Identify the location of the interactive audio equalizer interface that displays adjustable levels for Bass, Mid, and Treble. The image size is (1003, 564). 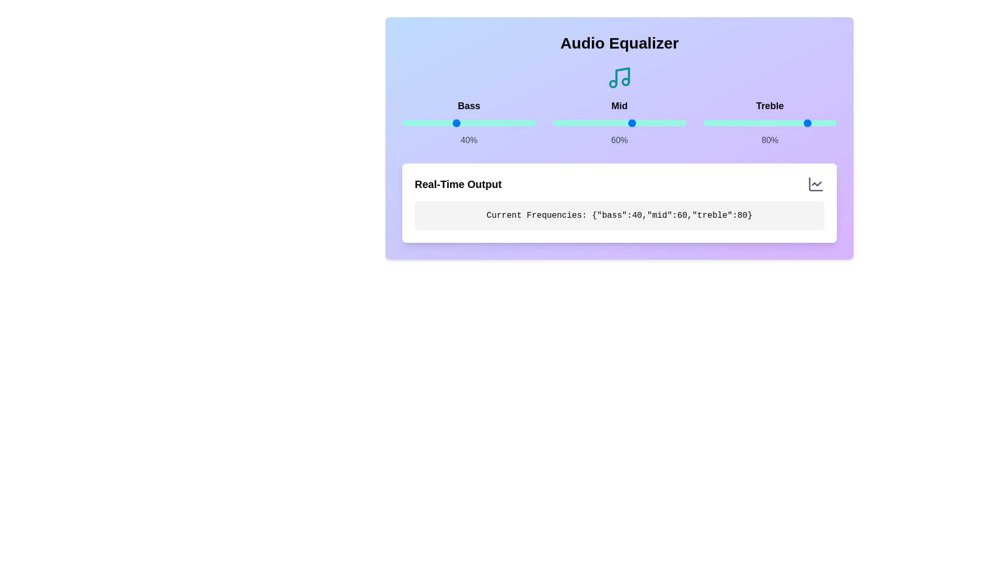
(619, 138).